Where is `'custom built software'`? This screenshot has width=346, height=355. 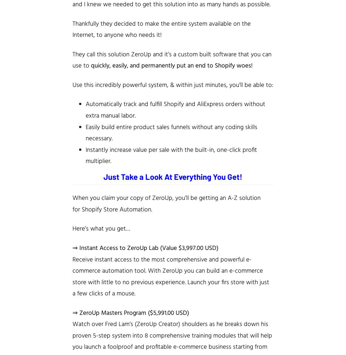
'custom built software' is located at coordinates (208, 54).